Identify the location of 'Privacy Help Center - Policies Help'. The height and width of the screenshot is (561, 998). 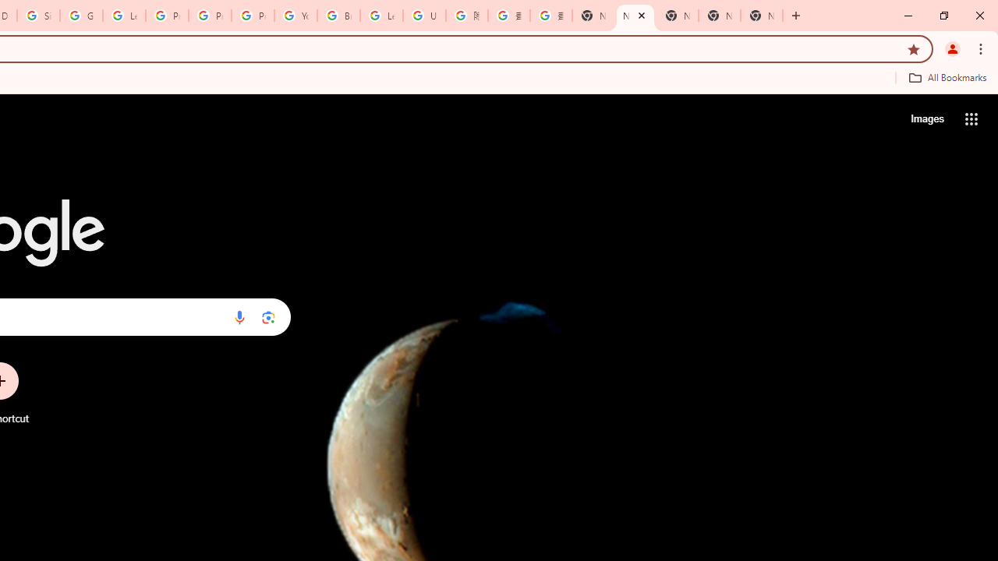
(209, 16).